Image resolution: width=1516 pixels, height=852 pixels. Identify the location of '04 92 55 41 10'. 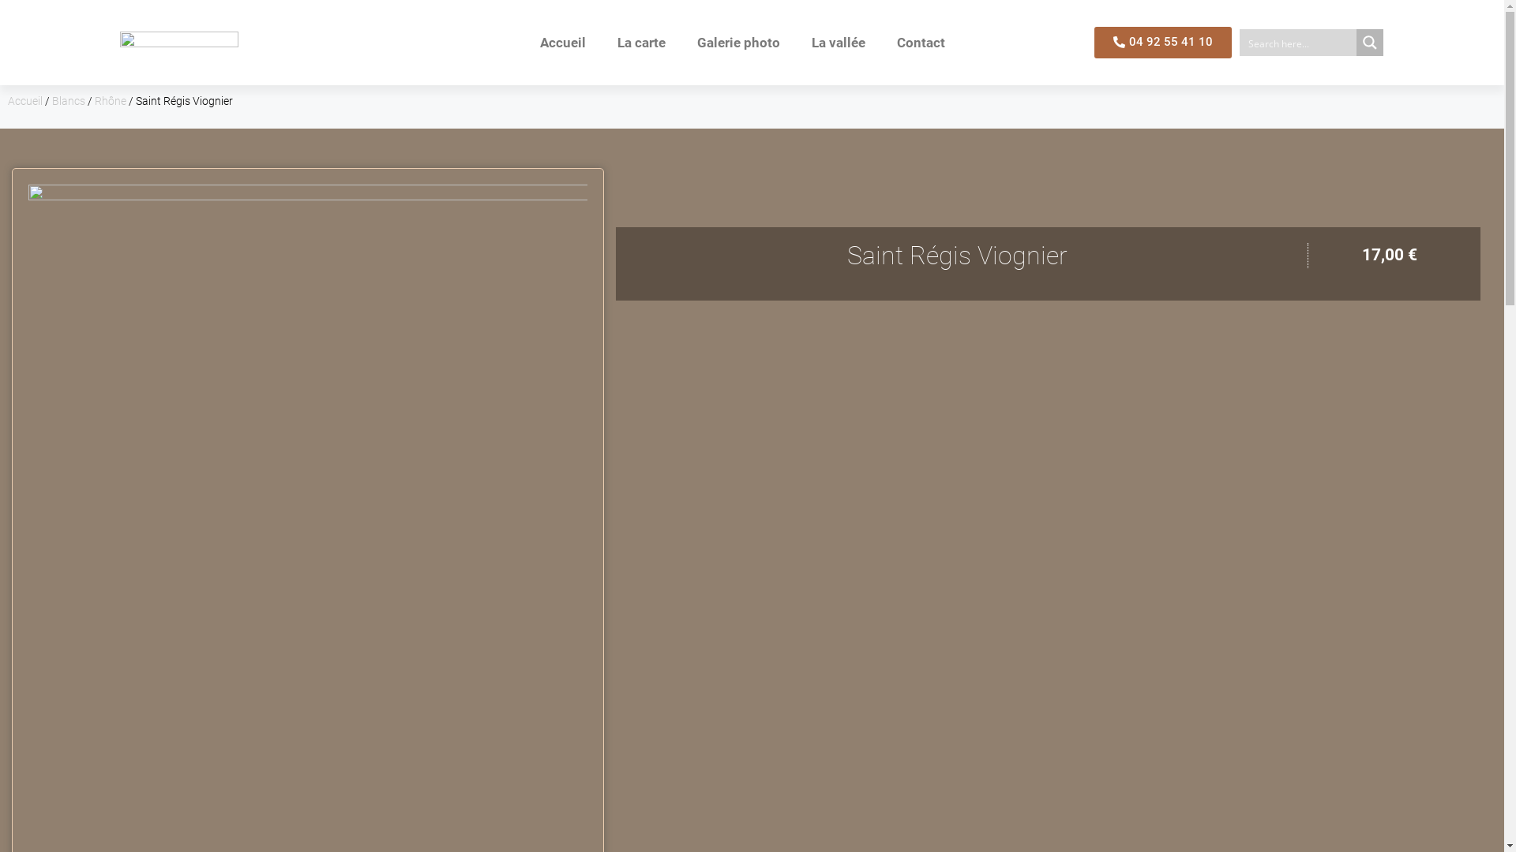
(1094, 42).